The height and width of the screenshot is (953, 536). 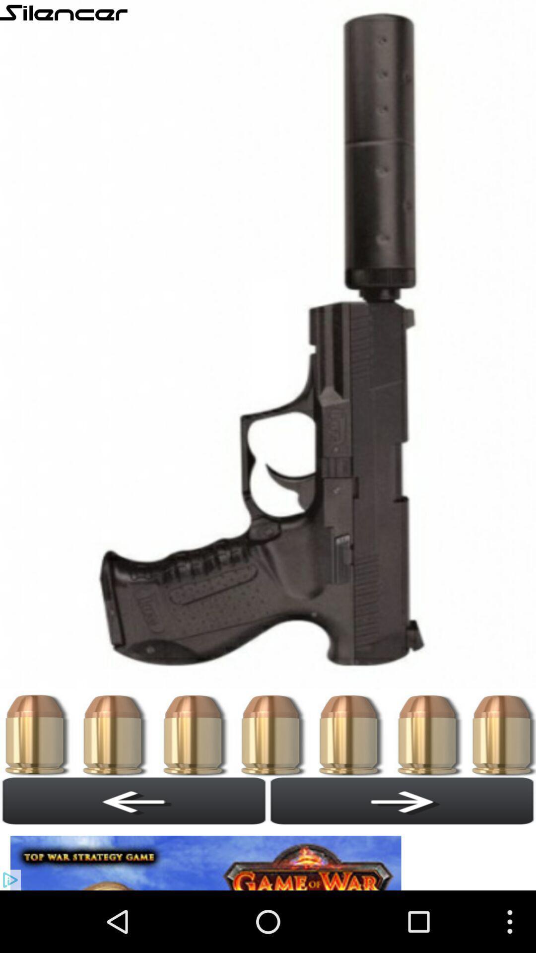 I want to click on next, so click(x=402, y=801).